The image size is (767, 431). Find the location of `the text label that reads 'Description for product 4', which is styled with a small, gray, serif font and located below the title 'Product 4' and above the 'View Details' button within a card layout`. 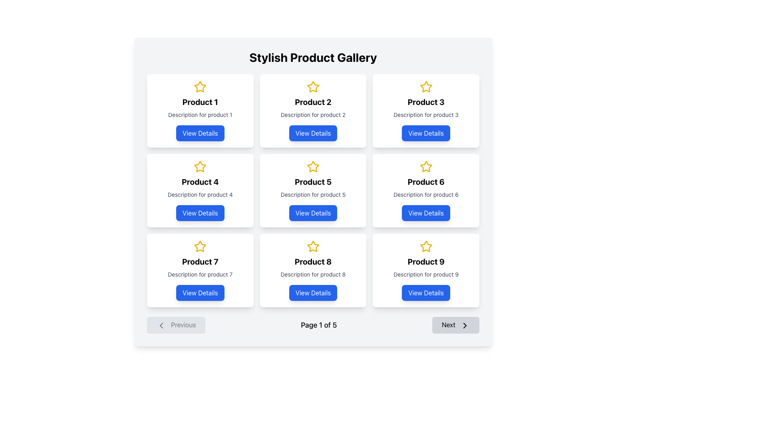

the text label that reads 'Description for product 4', which is styled with a small, gray, serif font and located below the title 'Product 4' and above the 'View Details' button within a card layout is located at coordinates (200, 195).